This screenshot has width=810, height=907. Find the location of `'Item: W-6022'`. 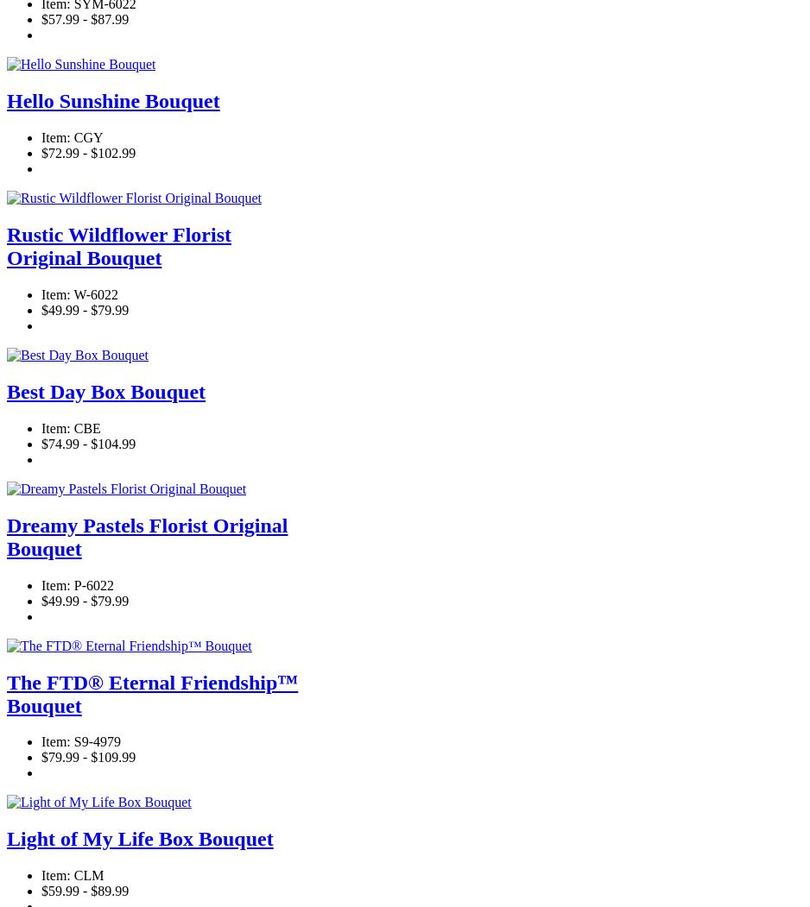

'Item: W-6022' is located at coordinates (79, 294).